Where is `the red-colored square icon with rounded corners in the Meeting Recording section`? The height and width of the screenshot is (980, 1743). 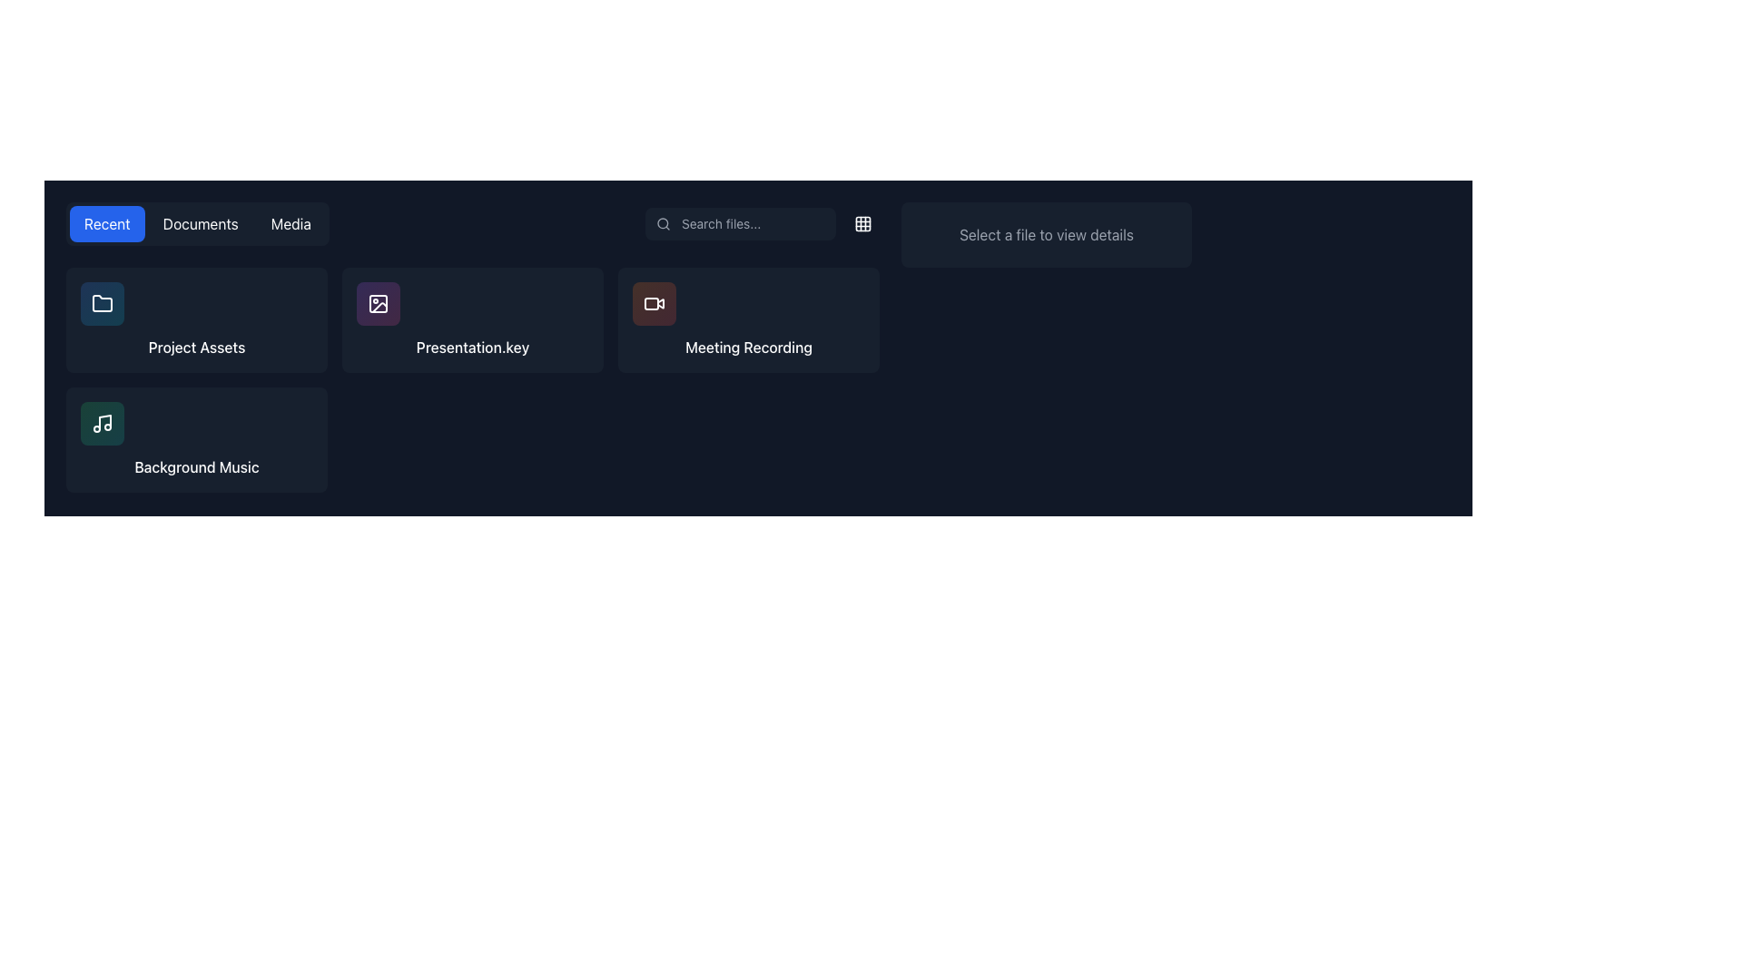
the red-colored square icon with rounded corners in the Meeting Recording section is located at coordinates (652, 303).